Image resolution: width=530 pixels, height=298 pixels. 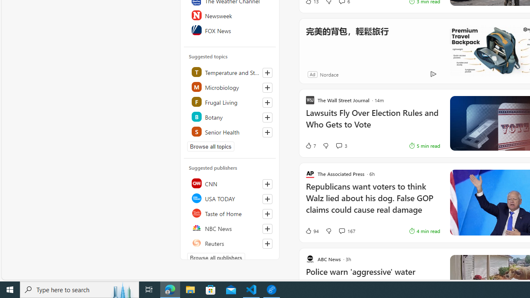 What do you see at coordinates (267, 243) in the screenshot?
I see `'Follow this source'` at bounding box center [267, 243].